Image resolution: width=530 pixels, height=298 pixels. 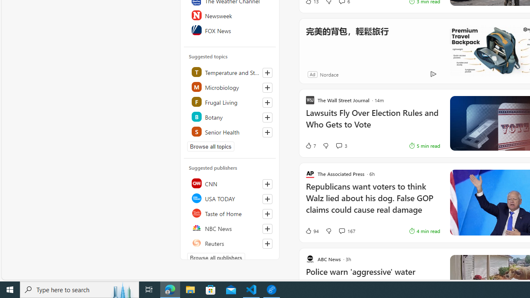 What do you see at coordinates (267, 243) in the screenshot?
I see `'Follow this source'` at bounding box center [267, 243].